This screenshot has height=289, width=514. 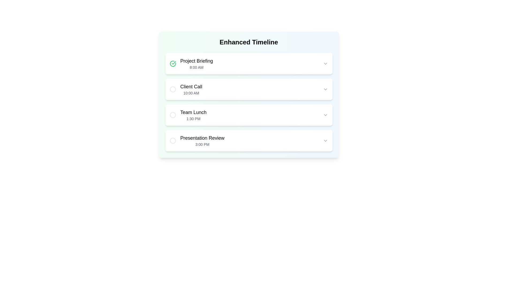 What do you see at coordinates (202, 144) in the screenshot?
I see `the Text Label that provides timing details of the event listed in the timetable, located below the 'Presentation Review' text` at bounding box center [202, 144].